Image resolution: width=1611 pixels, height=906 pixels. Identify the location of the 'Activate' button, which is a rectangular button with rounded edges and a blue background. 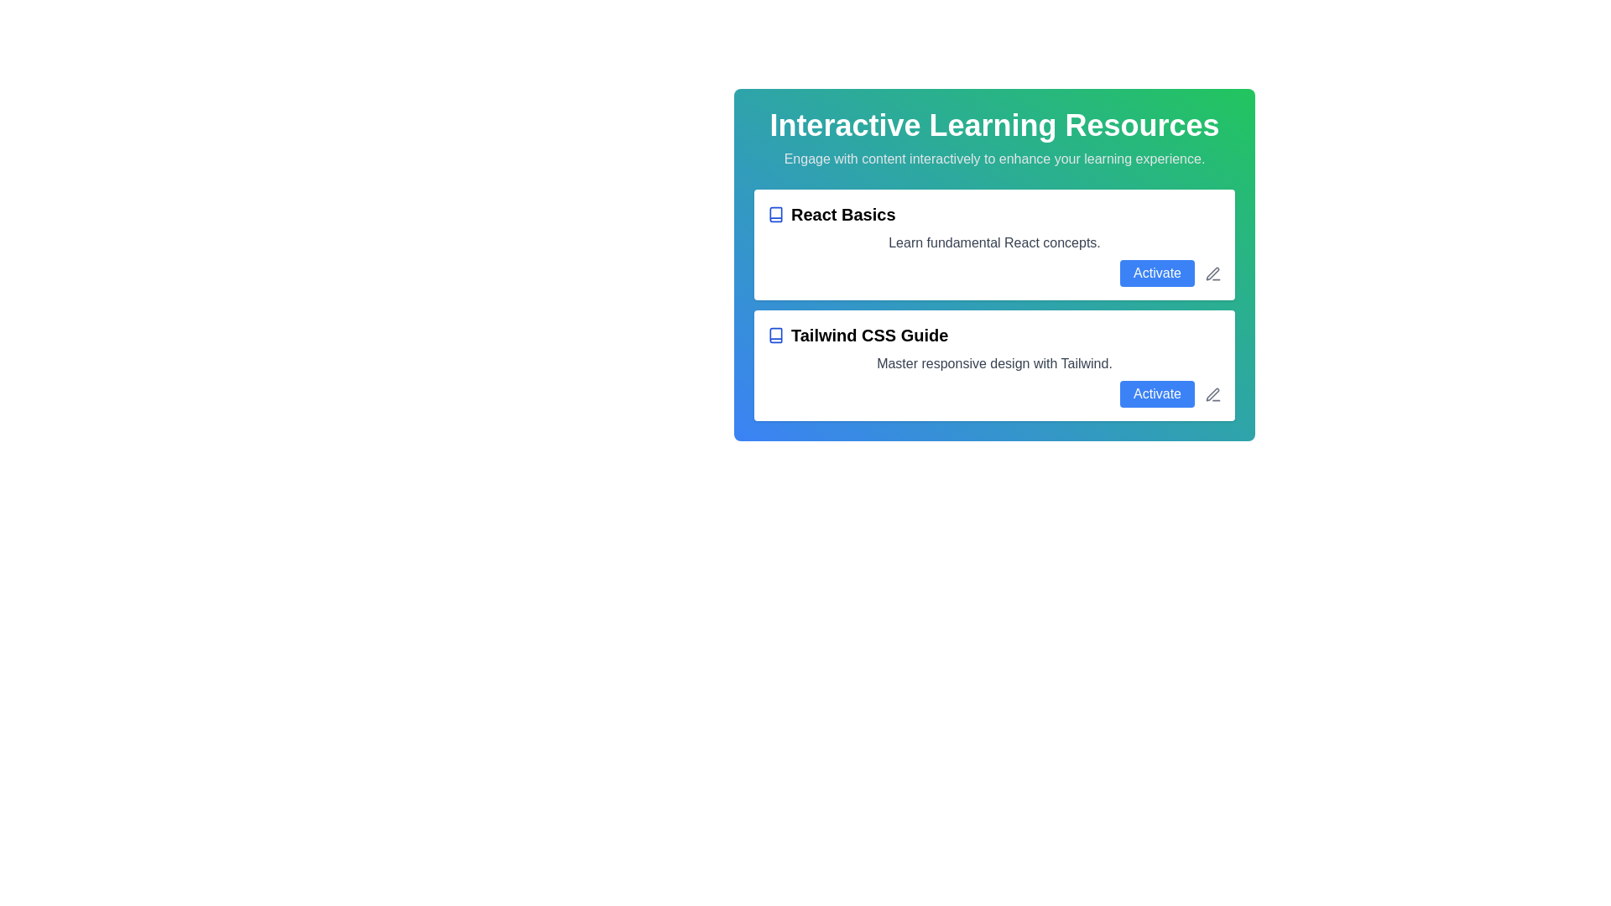
(1156, 394).